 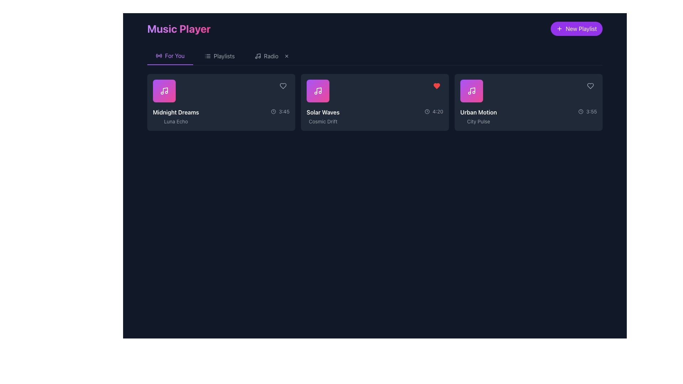 I want to click on the 'Radio' navigation menu item, so click(x=271, y=56).